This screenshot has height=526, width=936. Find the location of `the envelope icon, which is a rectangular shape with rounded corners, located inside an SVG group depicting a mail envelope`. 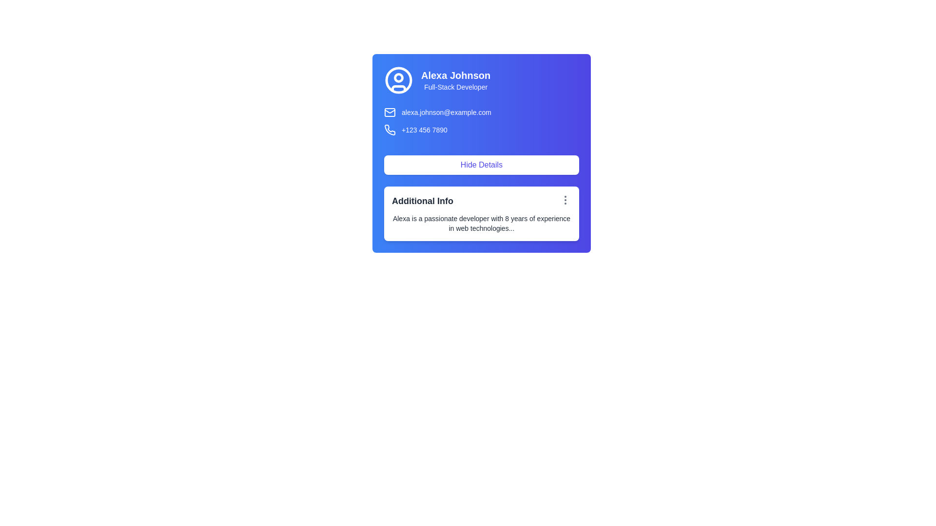

the envelope icon, which is a rectangular shape with rounded corners, located inside an SVG group depicting a mail envelope is located at coordinates (390, 112).